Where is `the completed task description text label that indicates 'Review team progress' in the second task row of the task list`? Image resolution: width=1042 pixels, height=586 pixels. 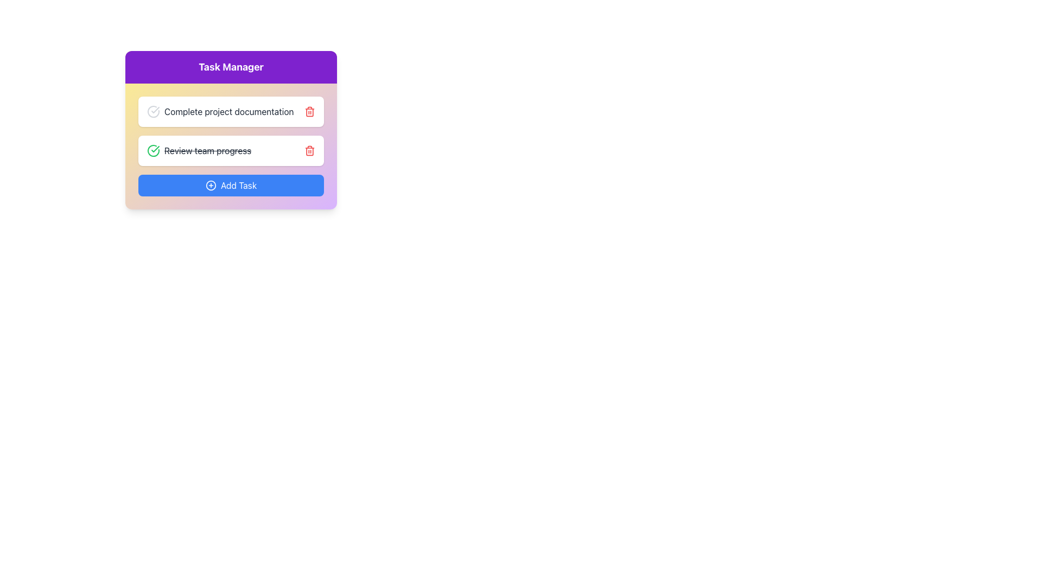
the completed task description text label that indicates 'Review team progress' in the second task row of the task list is located at coordinates (208, 150).